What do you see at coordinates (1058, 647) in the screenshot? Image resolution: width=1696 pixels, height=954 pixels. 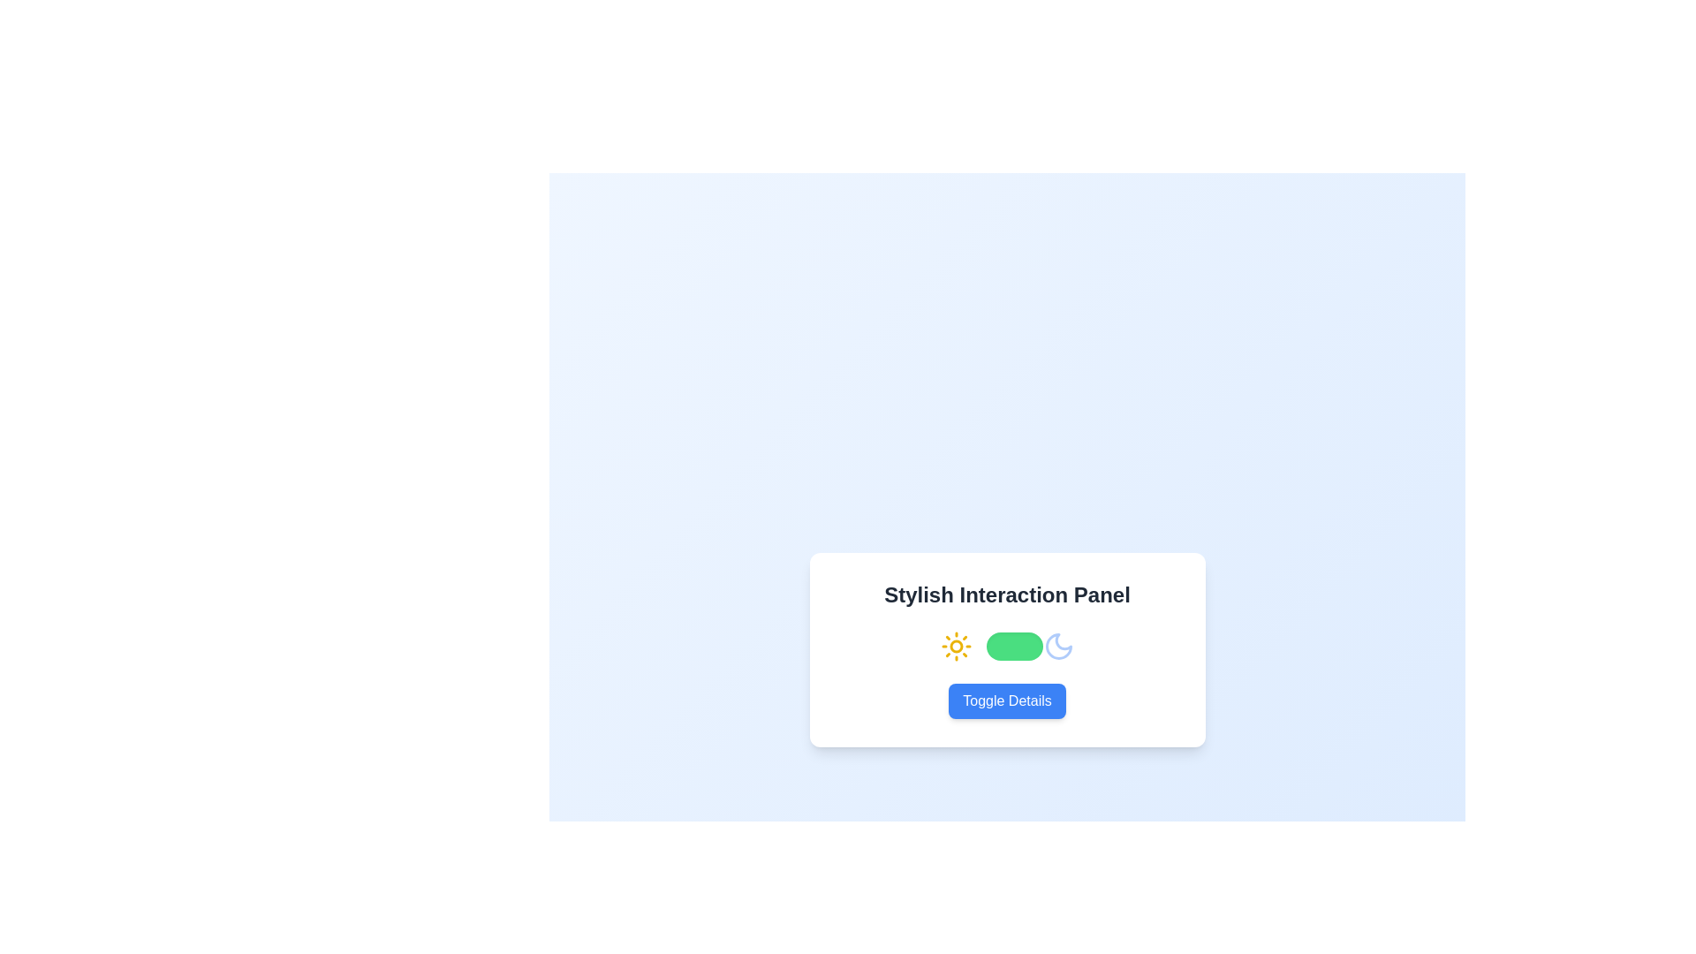 I see `the blue crescent moon icon located within the 'Stylish Interaction Panel', positioned to the right of a green toggle switch` at bounding box center [1058, 647].